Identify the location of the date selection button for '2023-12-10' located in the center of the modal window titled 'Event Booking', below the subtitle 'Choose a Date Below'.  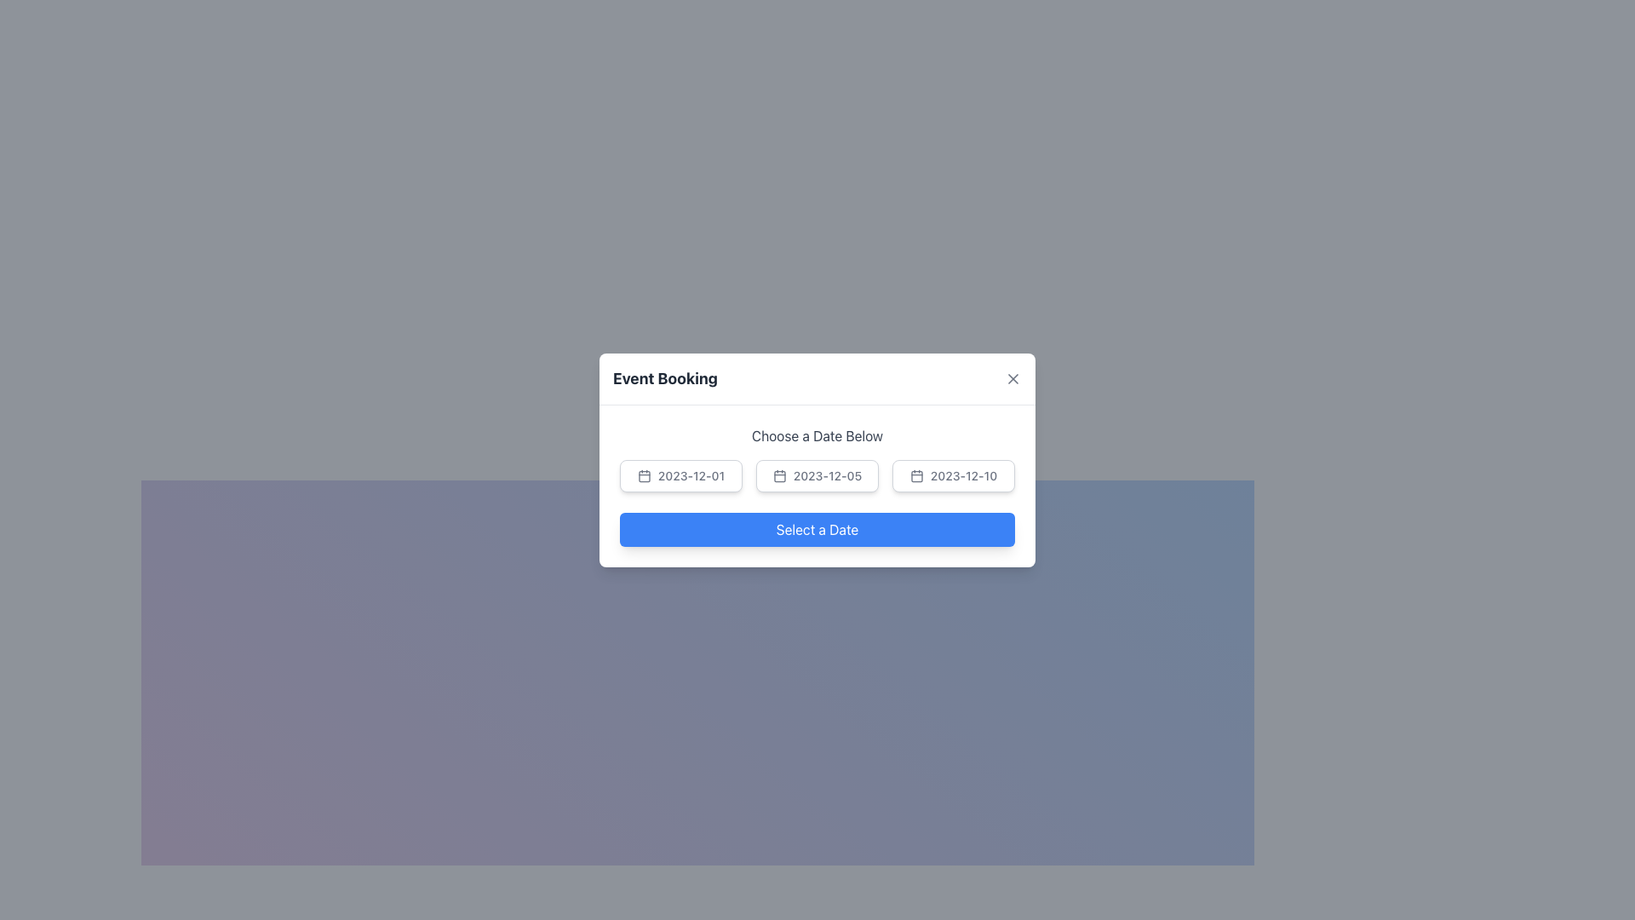
(952, 475).